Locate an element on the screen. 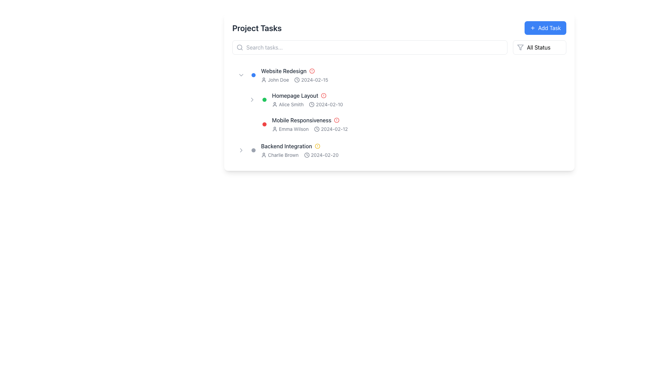 The width and height of the screenshot is (657, 369). the alert icon indicating an issue with the task titled 'Website Redesign' located immediately to the right of its text label in the 'Project Tasks' list is located at coordinates (312, 71).